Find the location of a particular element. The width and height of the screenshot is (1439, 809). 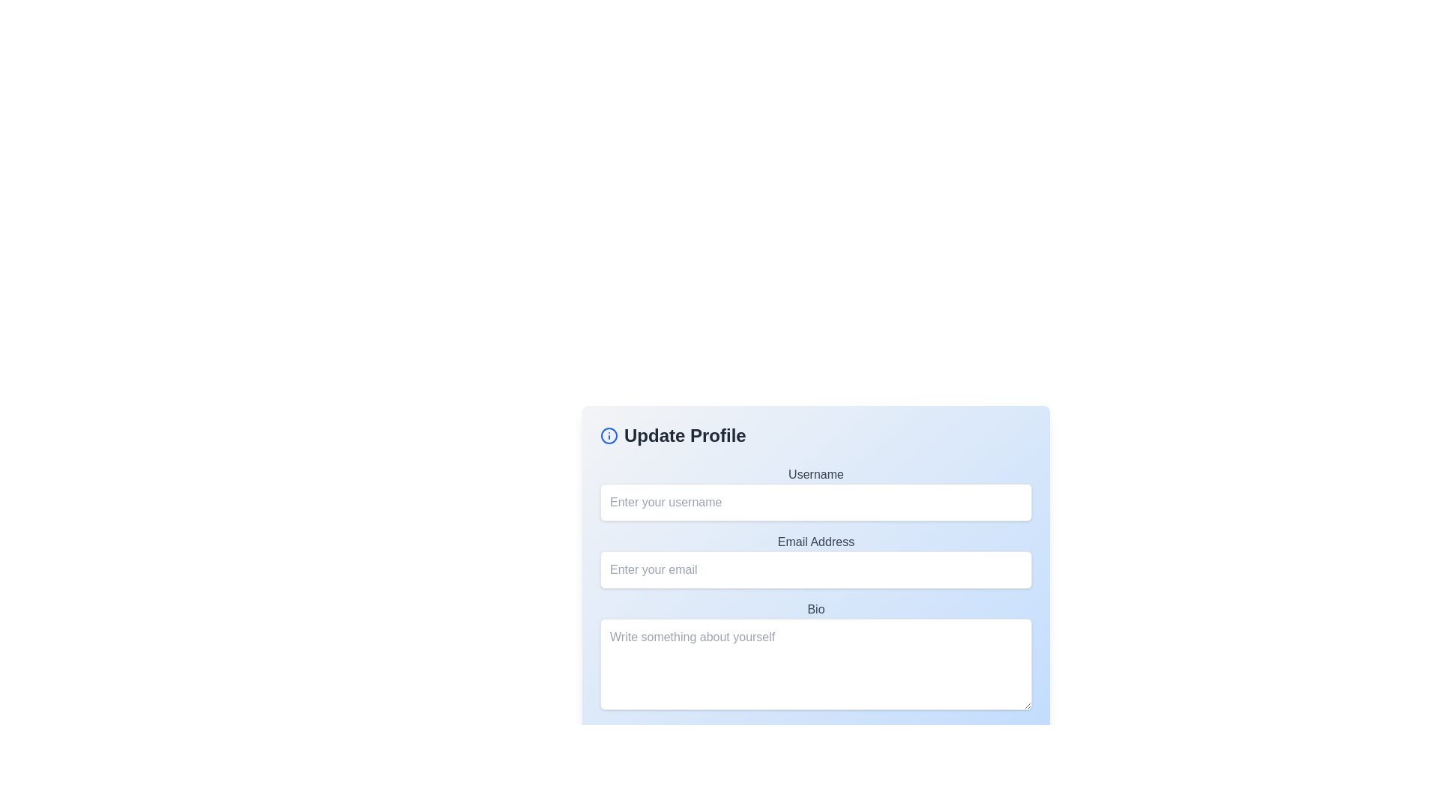

the labels of the form section containing 'Username', 'Email Address', and 'Bio' located below the 'Update Profile' heading is located at coordinates (815, 589).